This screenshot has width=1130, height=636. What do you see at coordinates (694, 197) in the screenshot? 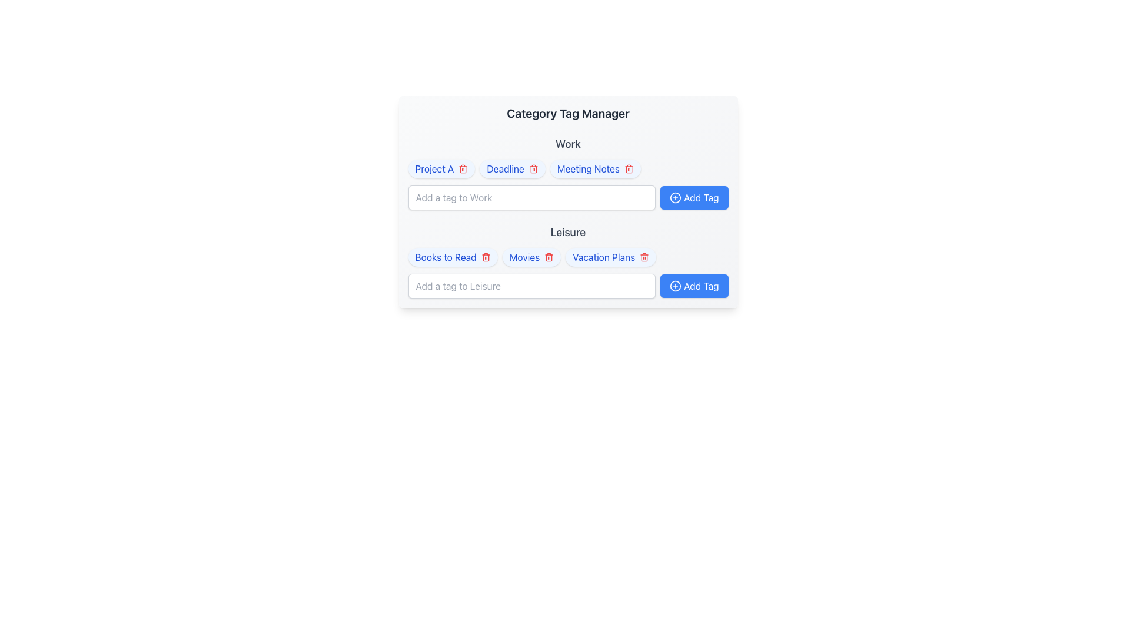
I see `the button` at bounding box center [694, 197].